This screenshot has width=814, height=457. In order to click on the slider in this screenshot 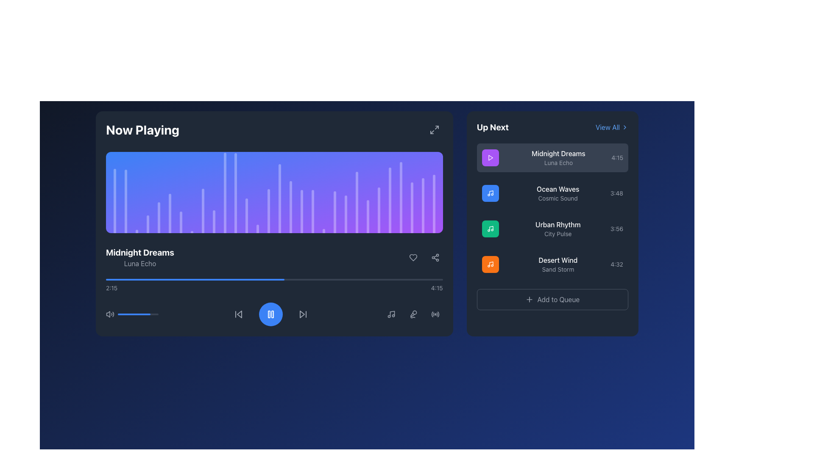, I will do `click(147, 314)`.